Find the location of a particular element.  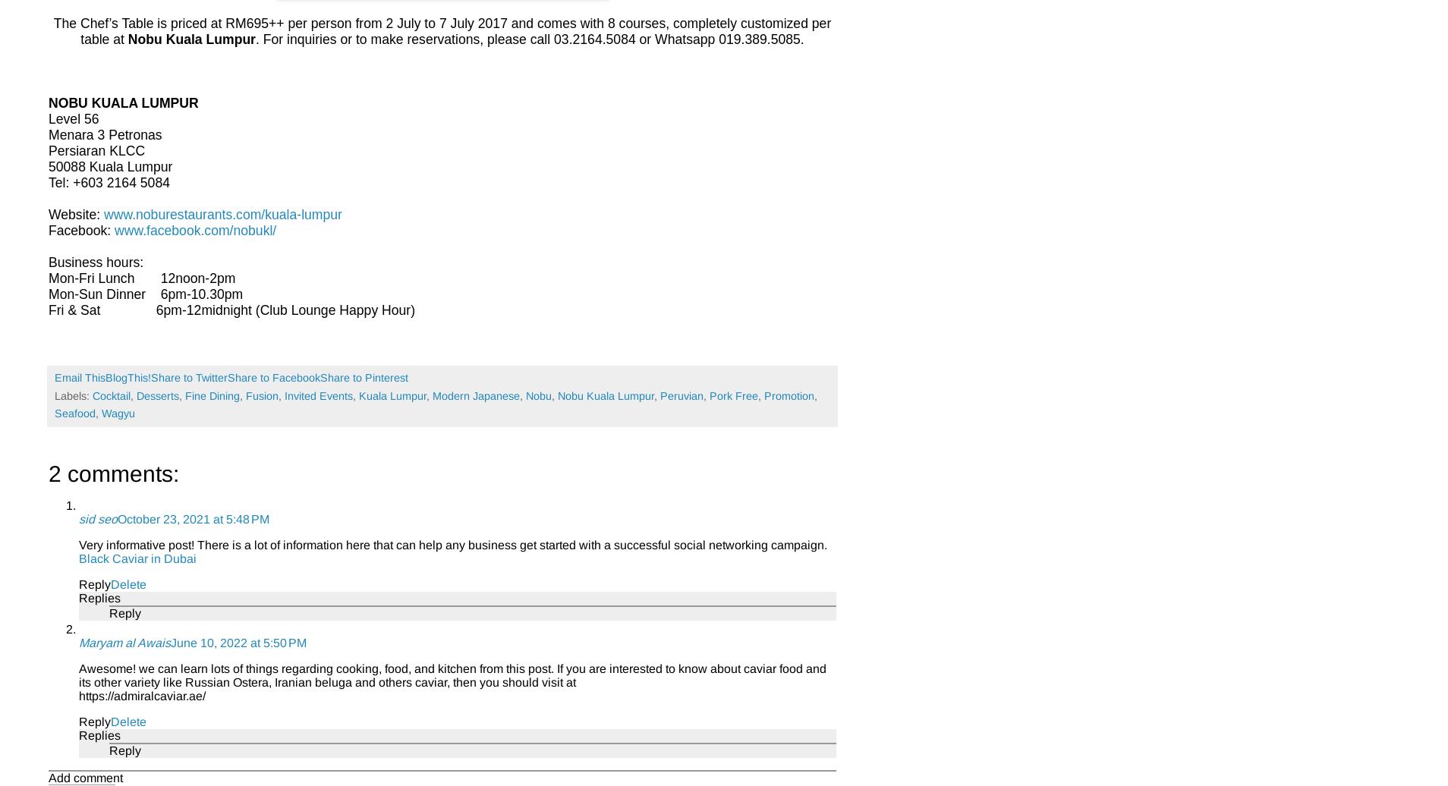

'Very informative post! There is a lot of information here that can help any business get started with a successful social networking campaign.' is located at coordinates (452, 544).